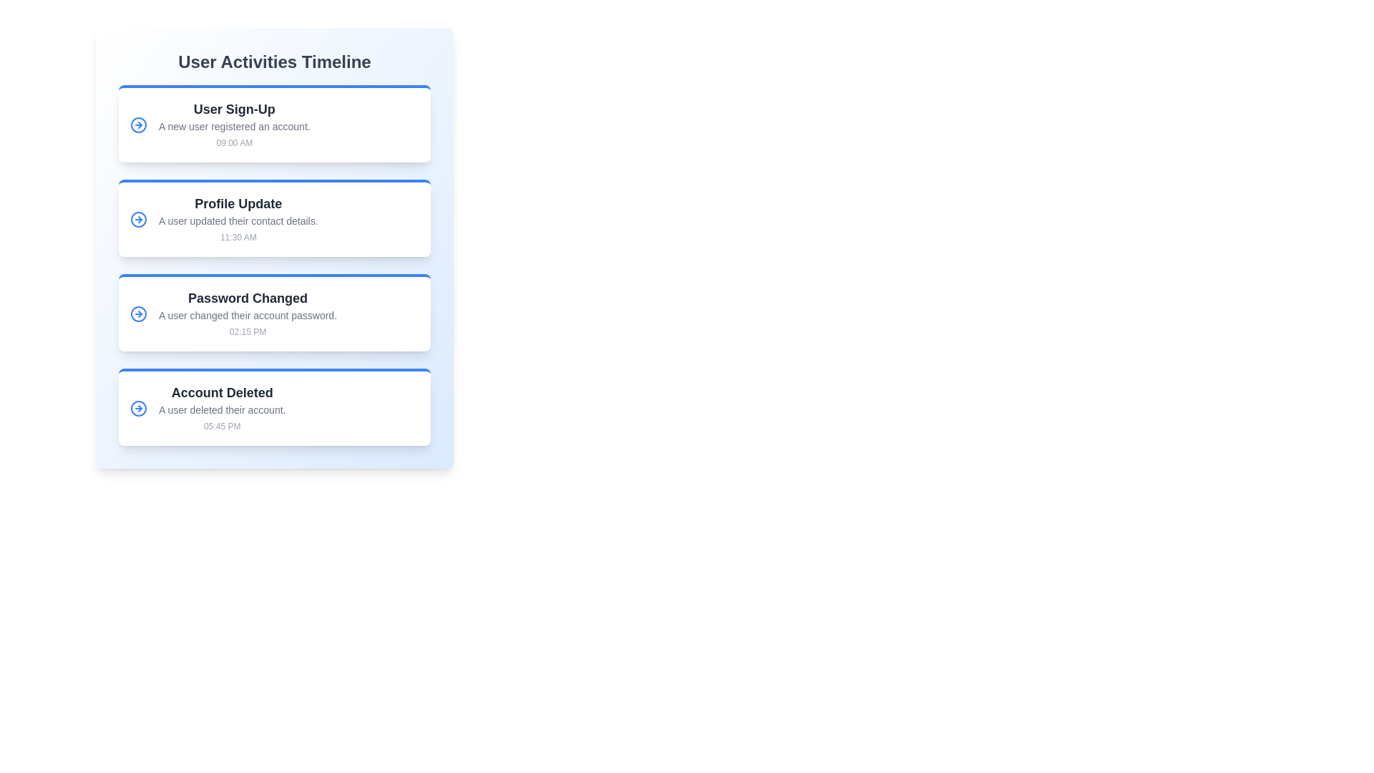 This screenshot has height=773, width=1374. I want to click on information from the text block located in the fourth section of the vertical timeline, specifically in the bottommost card, which summarizes a user action with a timestamp, so click(221, 408).